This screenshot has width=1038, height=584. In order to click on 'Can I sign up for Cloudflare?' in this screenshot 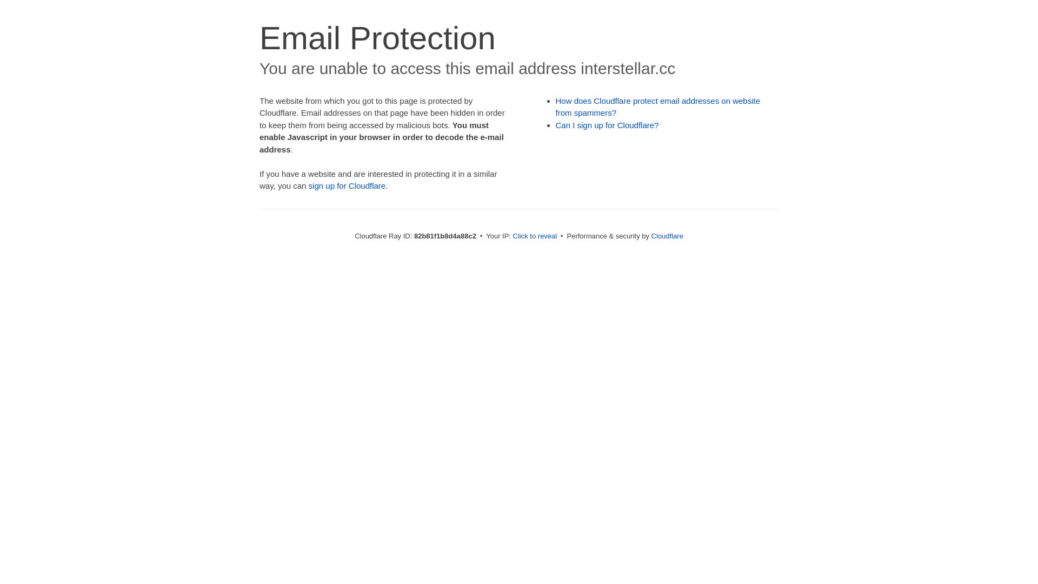, I will do `click(607, 124)`.